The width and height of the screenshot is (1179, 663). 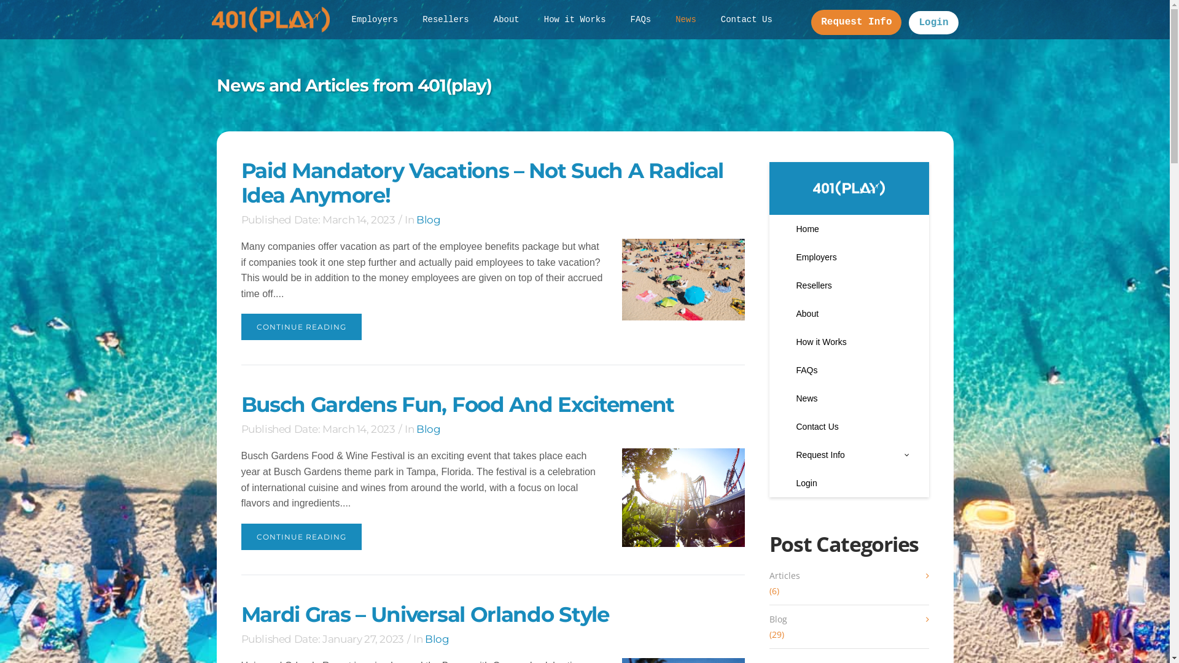 I want to click on 'Resellers', so click(x=445, y=19).